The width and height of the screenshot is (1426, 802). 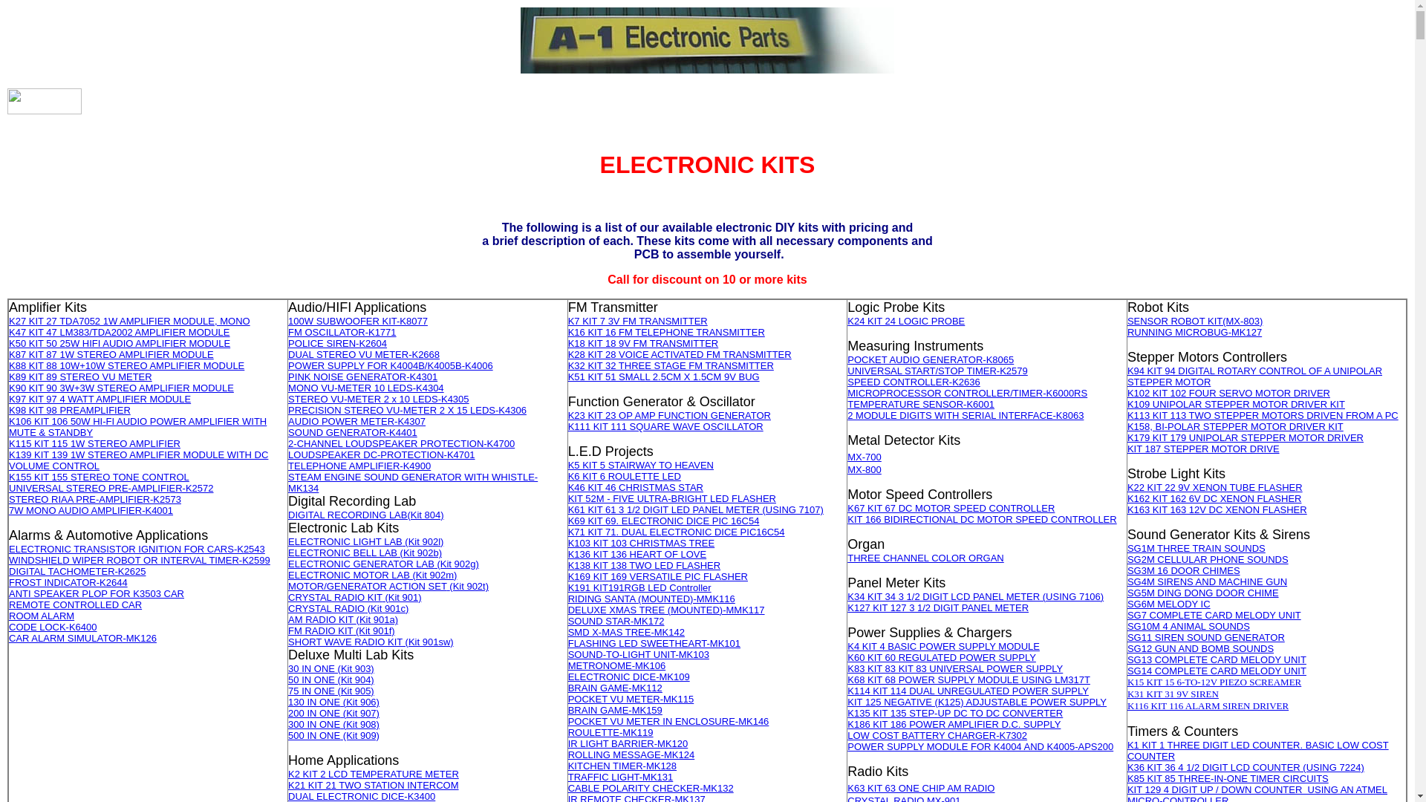 What do you see at coordinates (864, 456) in the screenshot?
I see `'MX-700'` at bounding box center [864, 456].